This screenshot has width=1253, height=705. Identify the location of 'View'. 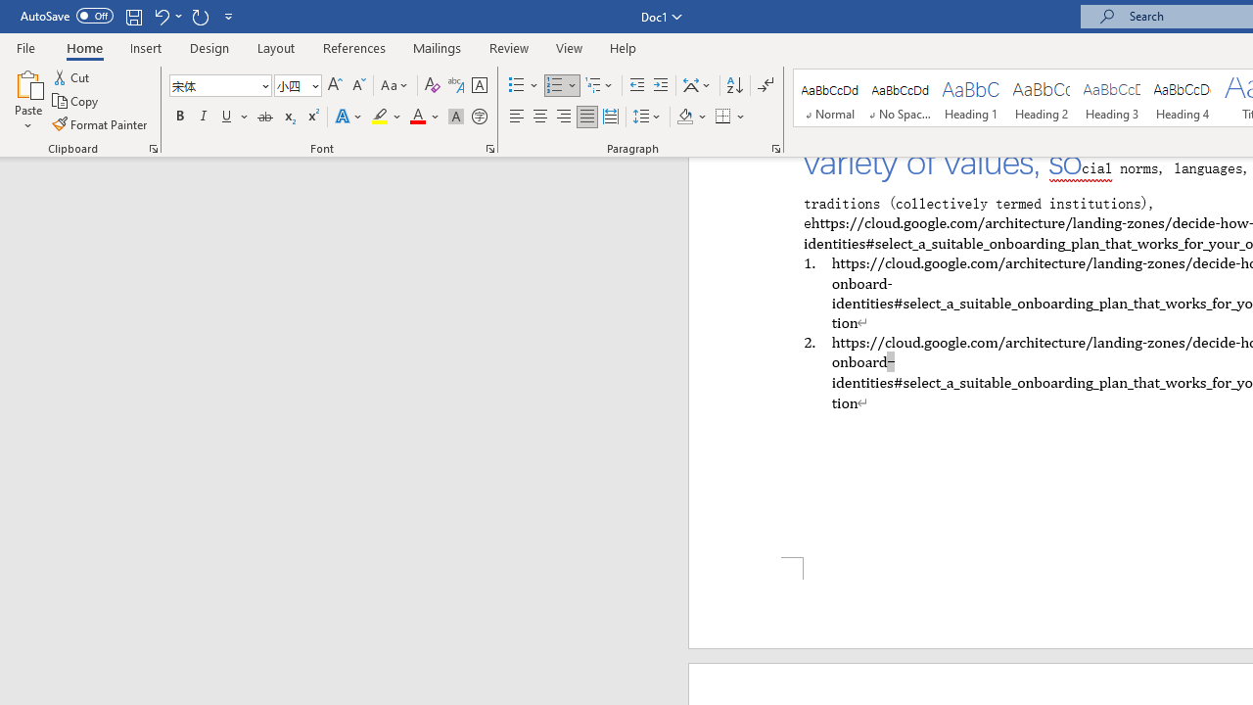
(569, 47).